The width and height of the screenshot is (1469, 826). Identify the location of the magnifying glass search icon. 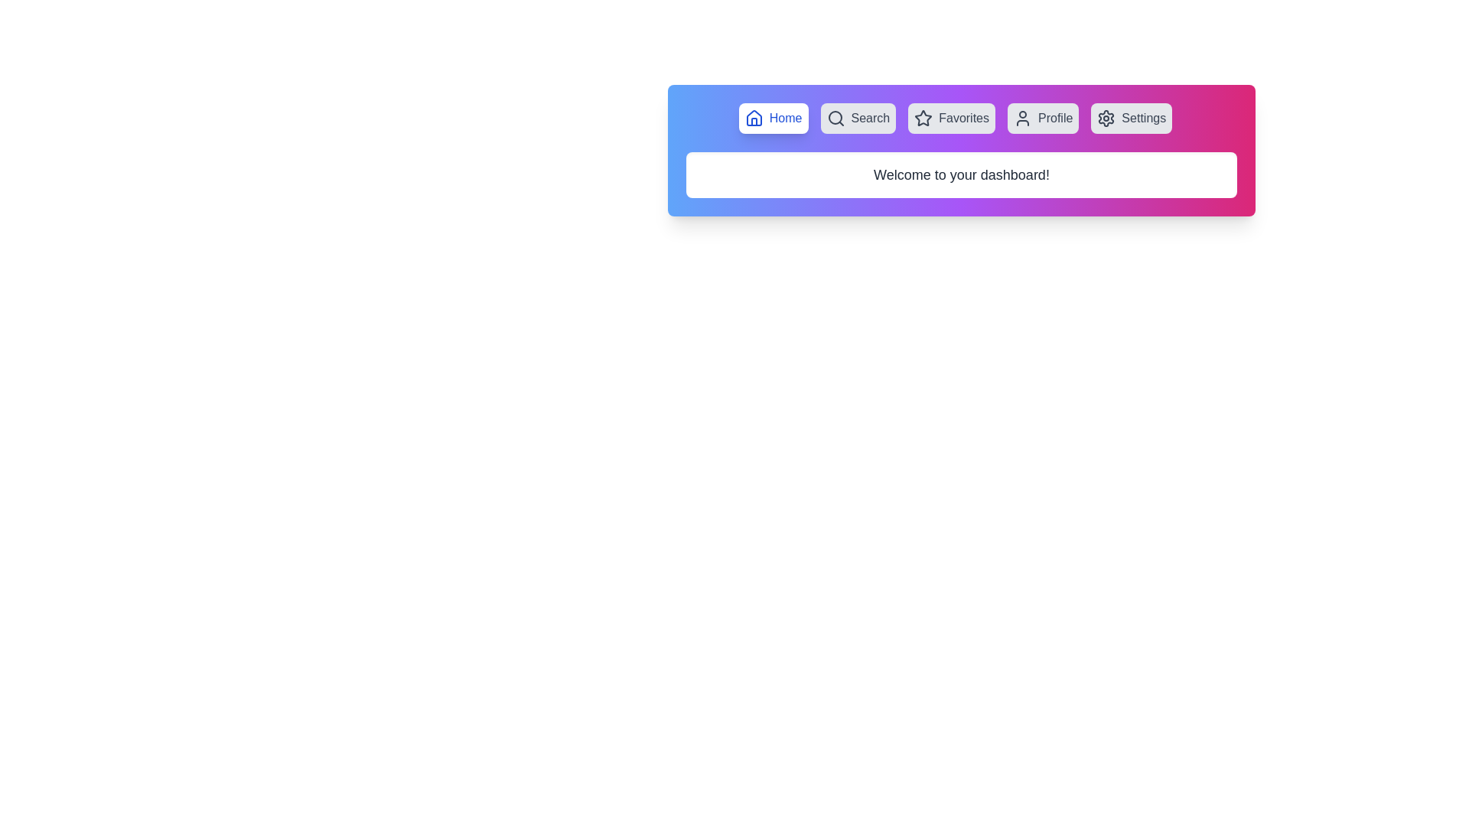
(835, 117).